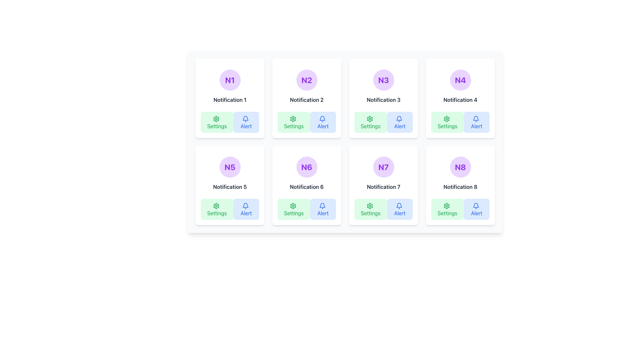 The image size is (633, 356). What do you see at coordinates (460, 122) in the screenshot?
I see `the leftmost button in the 'Notification 4' card` at bounding box center [460, 122].